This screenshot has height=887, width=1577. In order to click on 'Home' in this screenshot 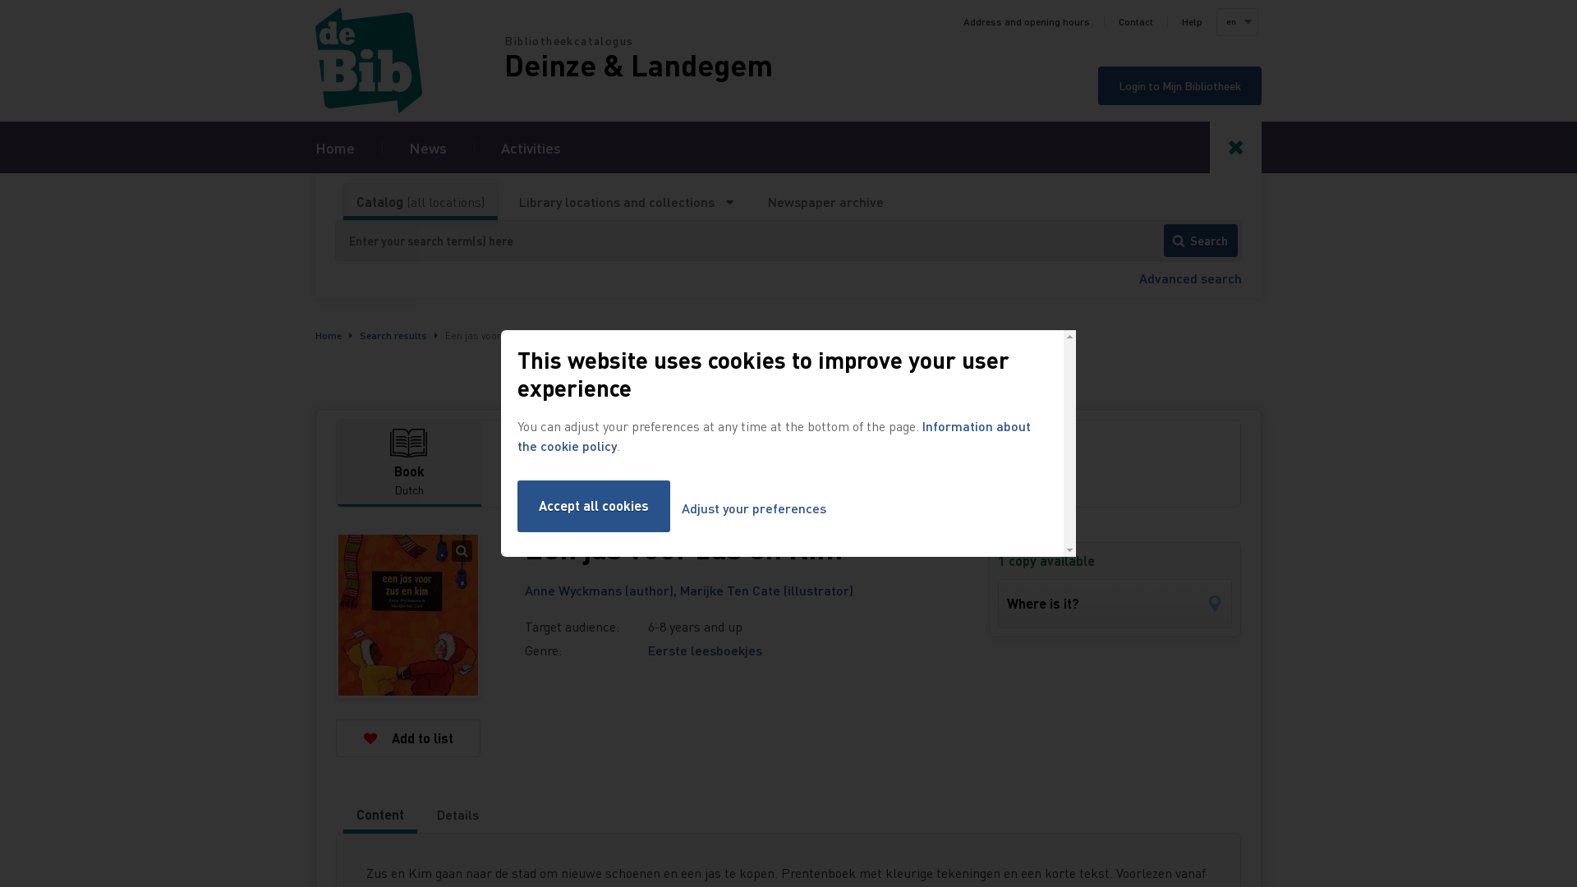, I will do `click(315, 59)`.